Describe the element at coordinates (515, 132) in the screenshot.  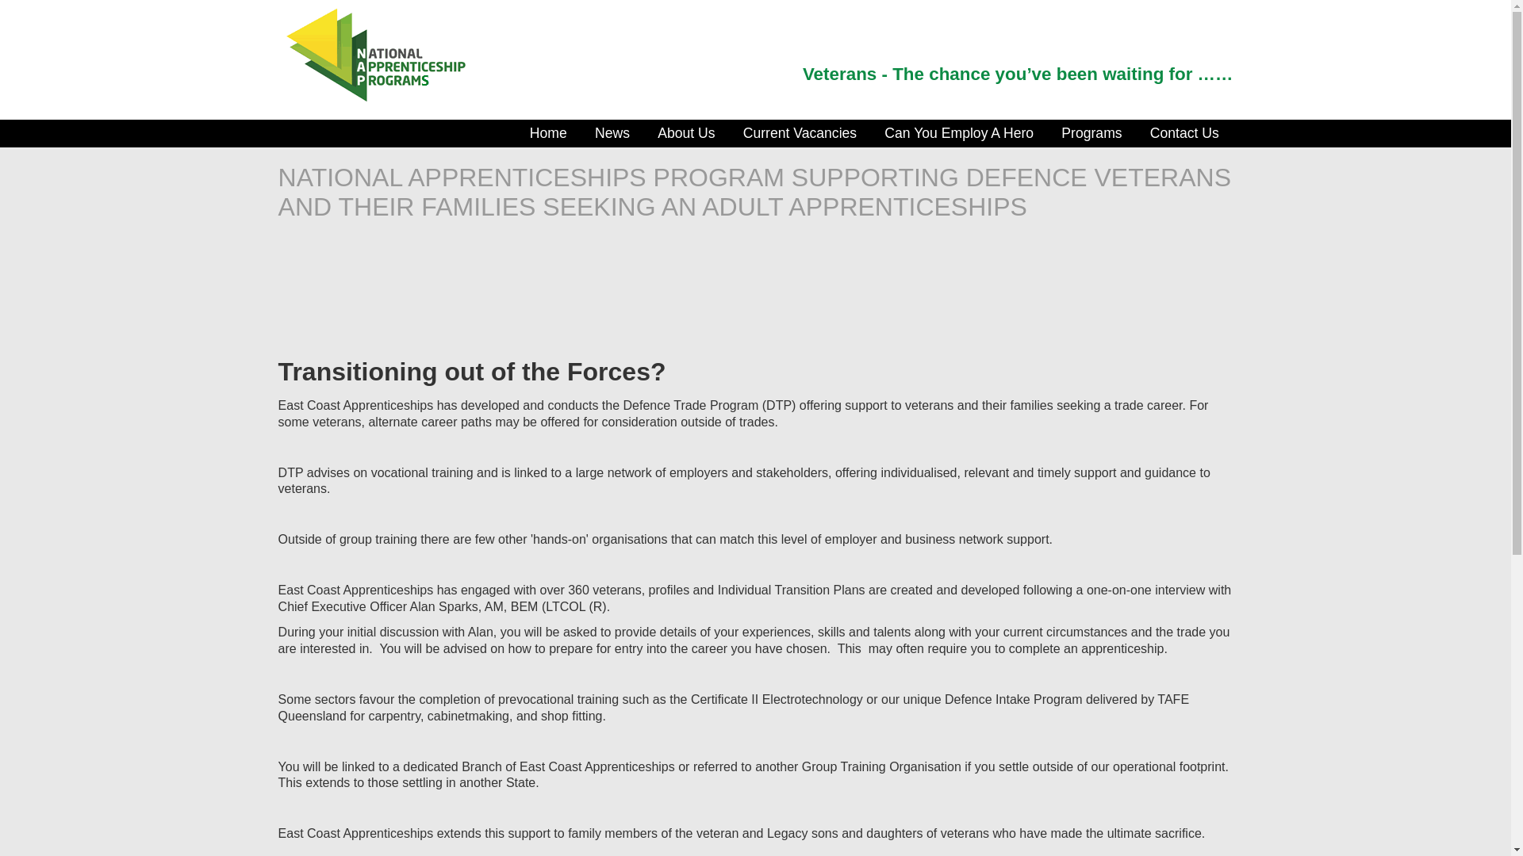
I see `'Home'` at that location.